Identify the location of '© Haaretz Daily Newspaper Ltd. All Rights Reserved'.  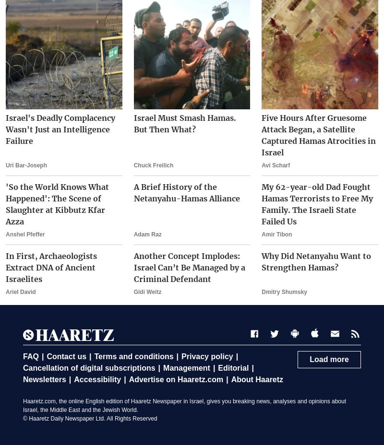
(89, 418).